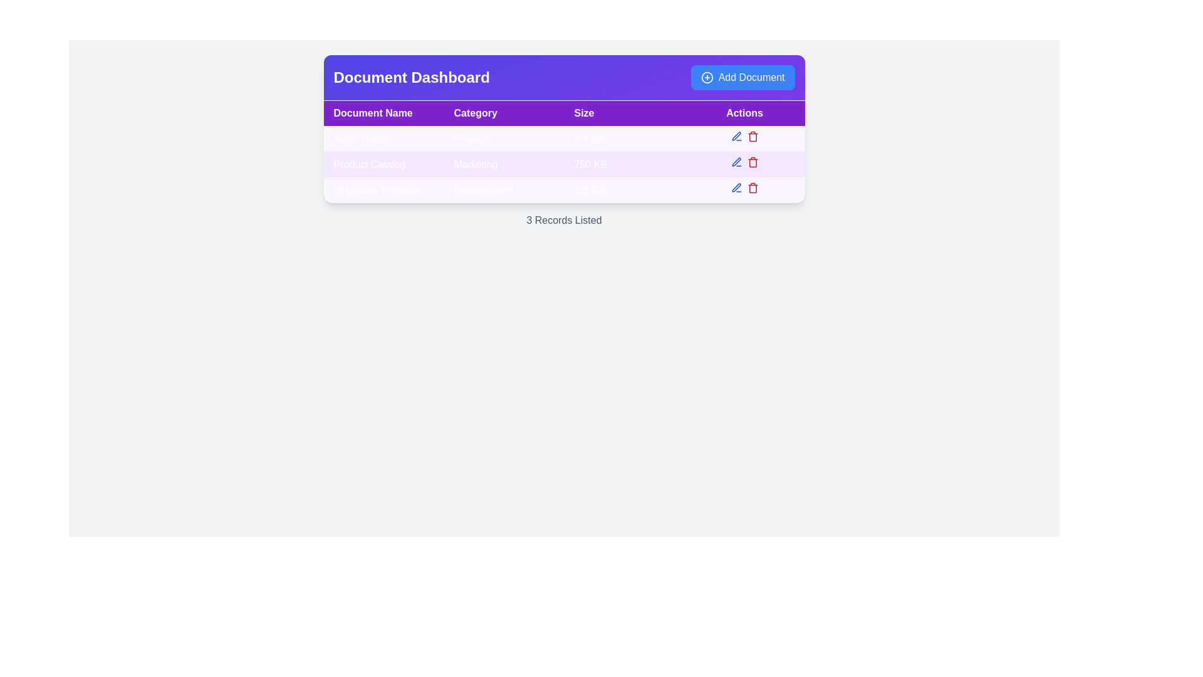  Describe the element at coordinates (563, 164) in the screenshot. I see `the details of the document represented by the second row in the document list table, which includes the document titled 'Product Catalog'` at that location.